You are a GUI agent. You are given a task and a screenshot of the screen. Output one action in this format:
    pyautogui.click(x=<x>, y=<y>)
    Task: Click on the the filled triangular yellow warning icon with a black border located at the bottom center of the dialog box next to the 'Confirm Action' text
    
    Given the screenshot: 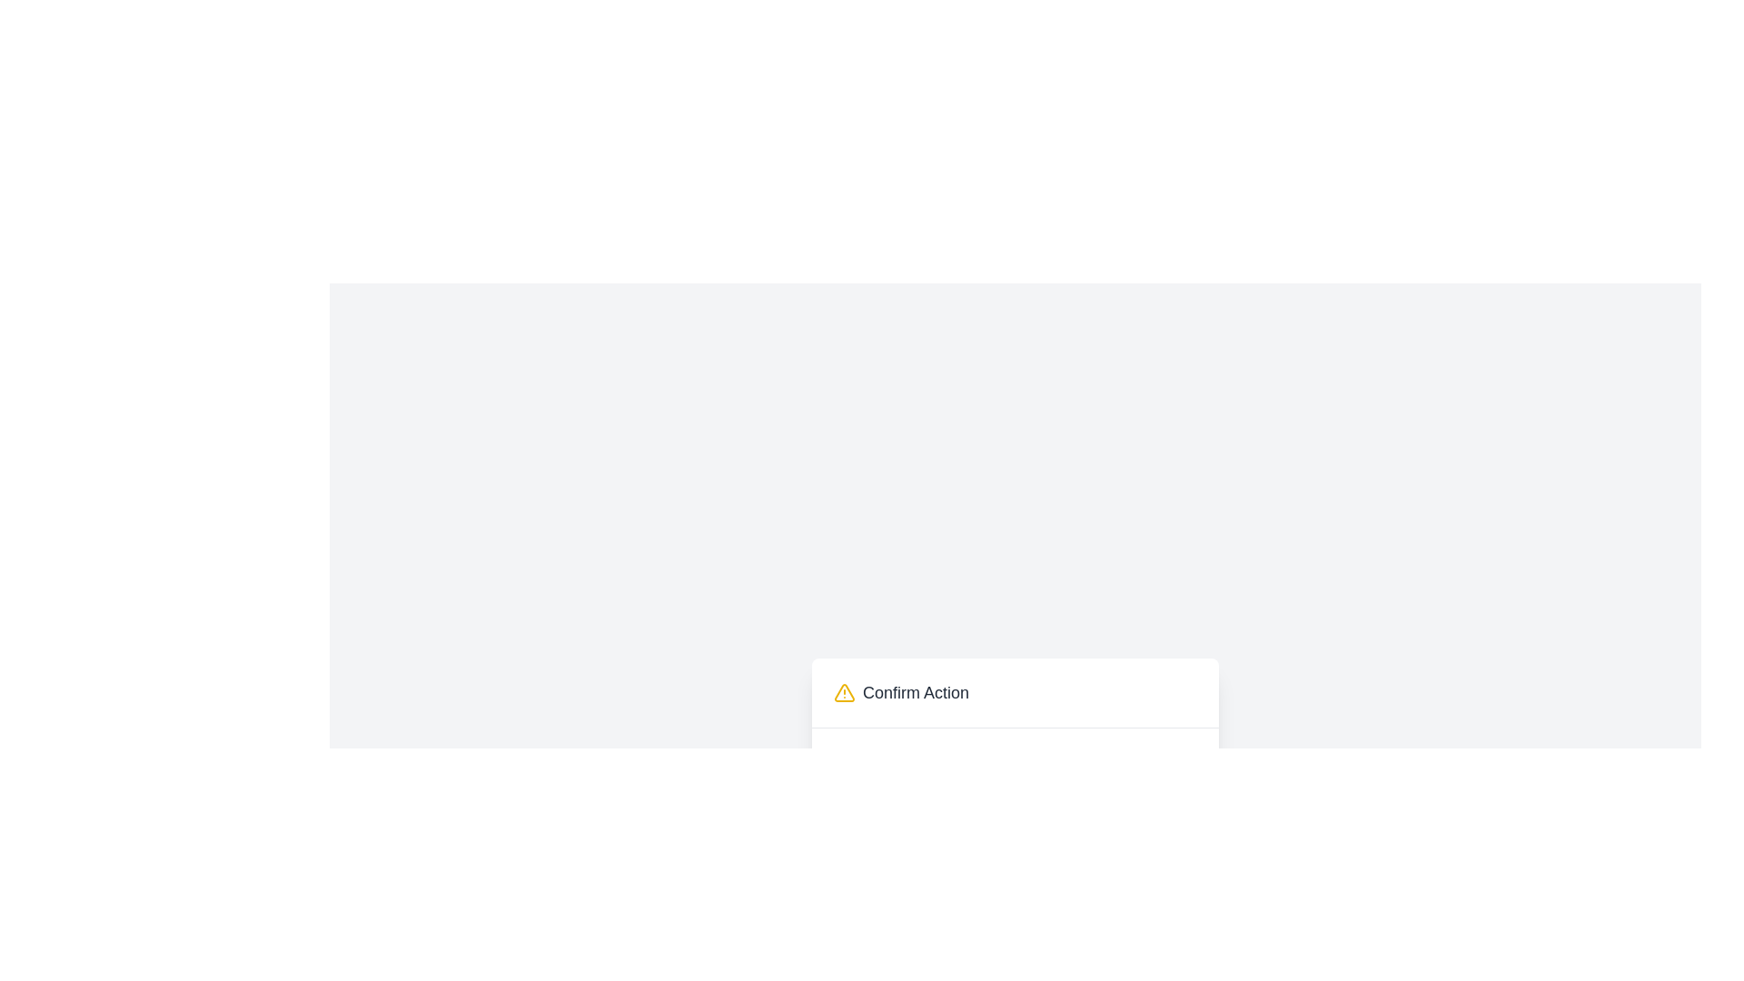 What is the action you would take?
    pyautogui.click(x=844, y=693)
    